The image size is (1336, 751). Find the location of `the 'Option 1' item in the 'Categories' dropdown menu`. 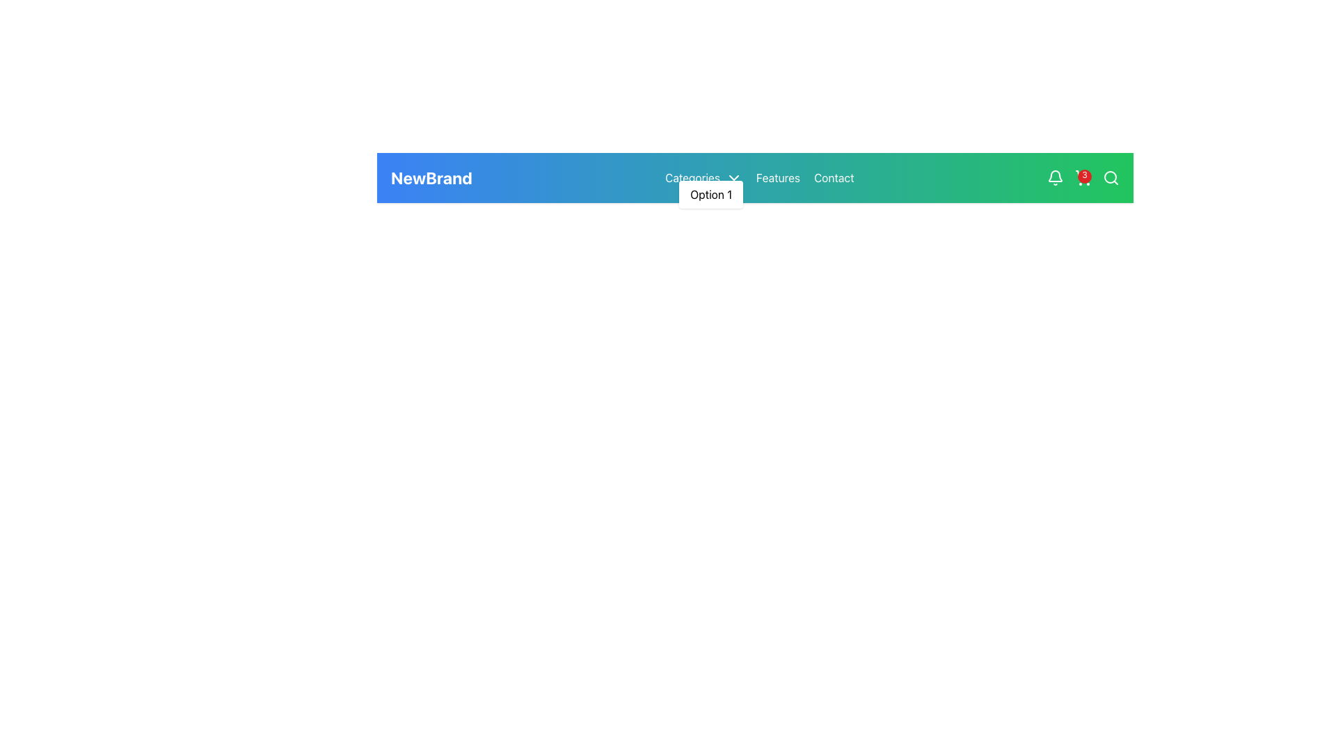

the 'Option 1' item in the 'Categories' dropdown menu is located at coordinates (711, 195).